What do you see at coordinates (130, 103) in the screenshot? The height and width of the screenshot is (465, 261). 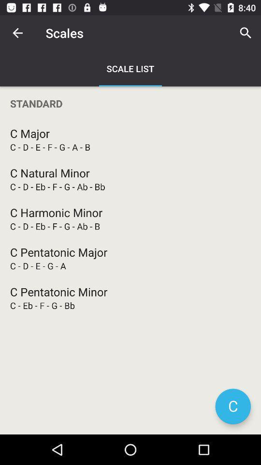 I see `standard item` at bounding box center [130, 103].